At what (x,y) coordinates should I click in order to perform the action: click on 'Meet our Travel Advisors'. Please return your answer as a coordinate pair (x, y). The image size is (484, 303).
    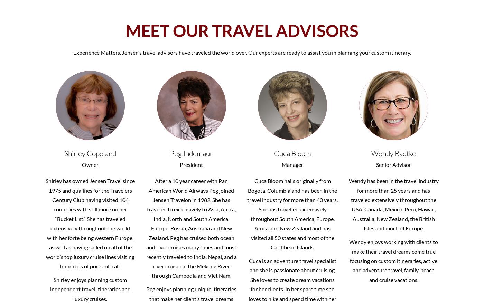
    Looking at the image, I should click on (242, 30).